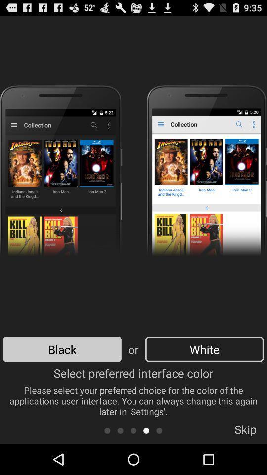 This screenshot has height=475, width=267. Describe the element at coordinates (120, 430) in the screenshot. I see `the item below select preferred interface item` at that location.